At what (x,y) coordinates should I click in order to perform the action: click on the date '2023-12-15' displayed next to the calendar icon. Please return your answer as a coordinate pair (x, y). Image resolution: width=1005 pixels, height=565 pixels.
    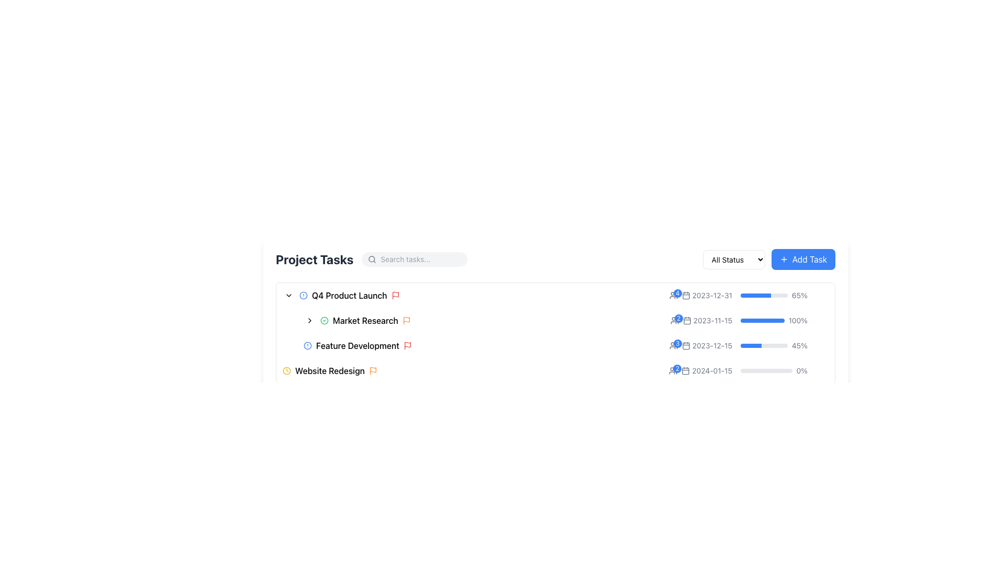
    Looking at the image, I should click on (700, 345).